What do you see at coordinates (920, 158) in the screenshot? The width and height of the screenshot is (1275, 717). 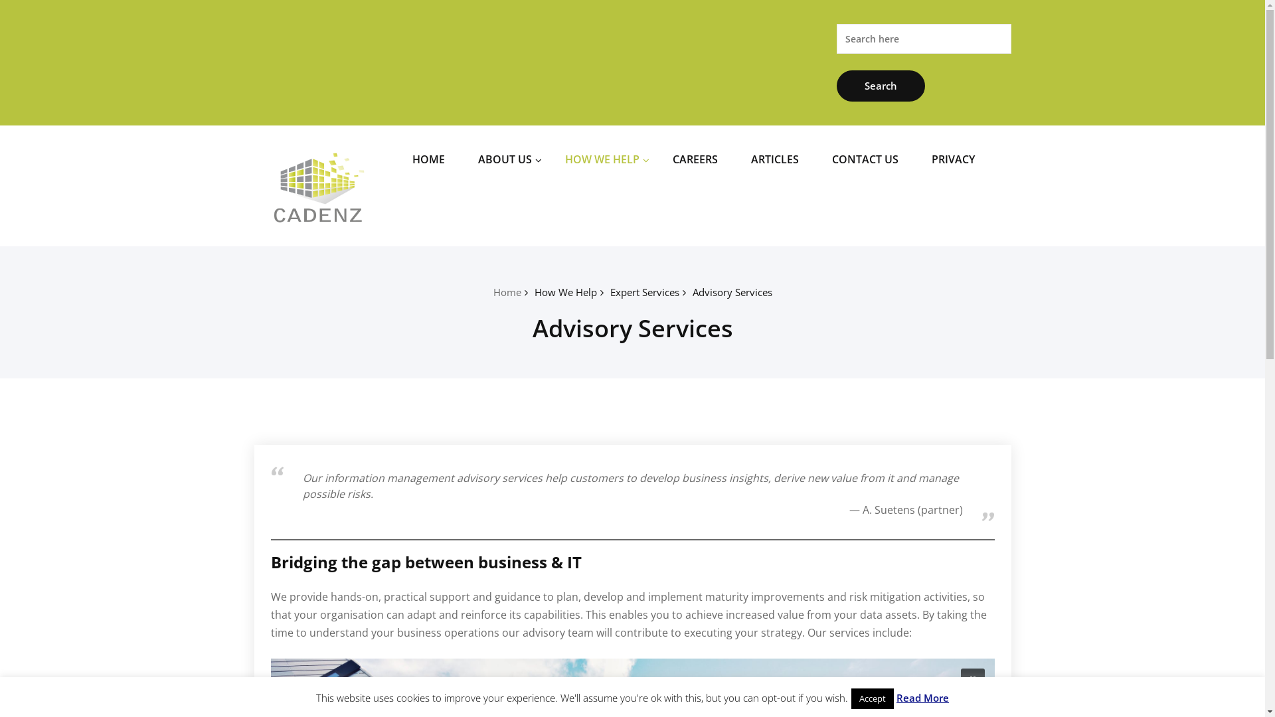 I see `'PRIVACY'` at bounding box center [920, 158].